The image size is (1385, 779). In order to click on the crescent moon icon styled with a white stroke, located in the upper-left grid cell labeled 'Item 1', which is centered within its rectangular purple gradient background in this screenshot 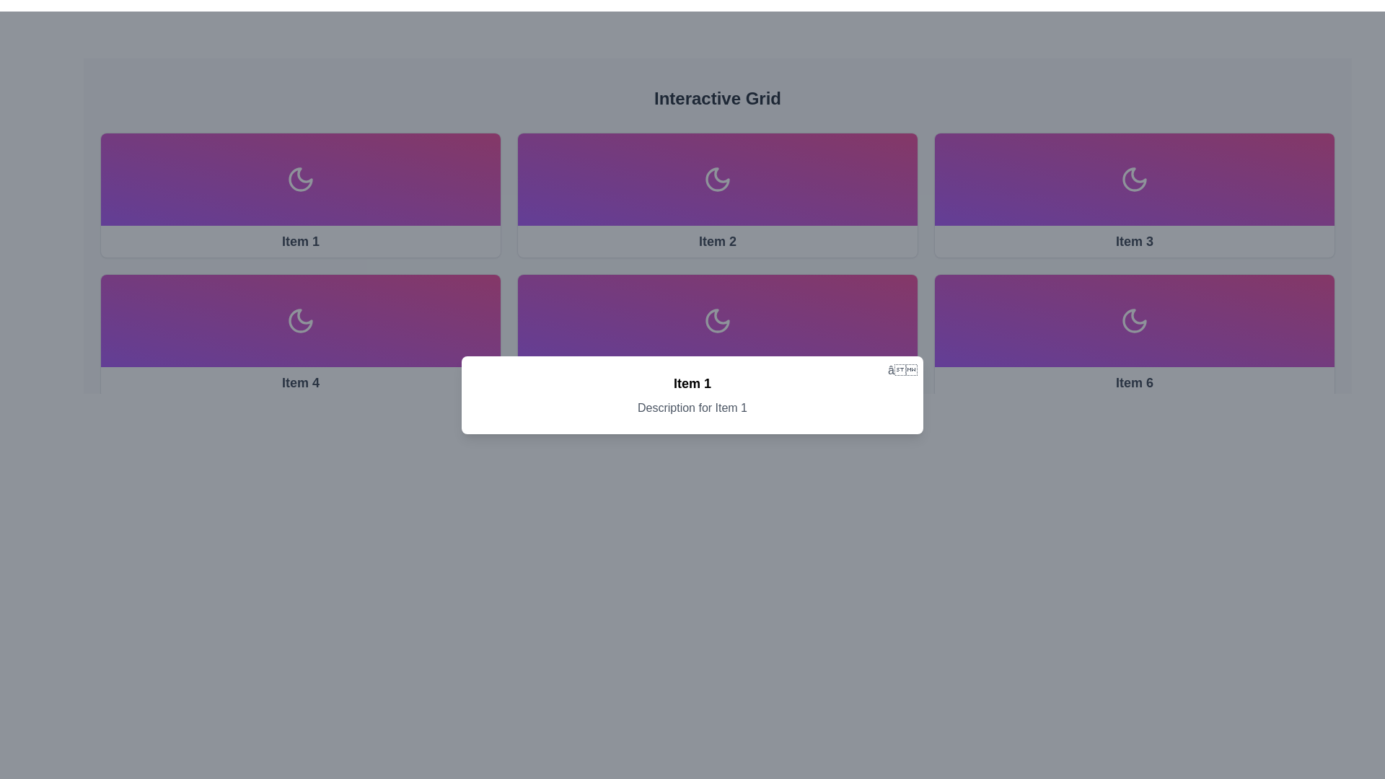, I will do `click(300, 179)`.